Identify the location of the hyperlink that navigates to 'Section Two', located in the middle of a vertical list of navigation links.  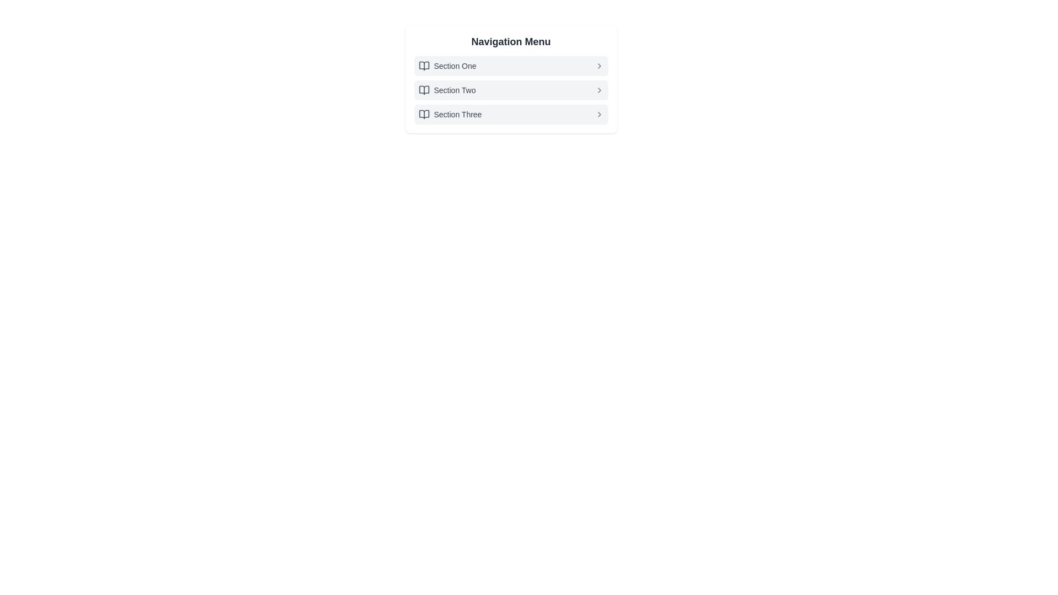
(455, 90).